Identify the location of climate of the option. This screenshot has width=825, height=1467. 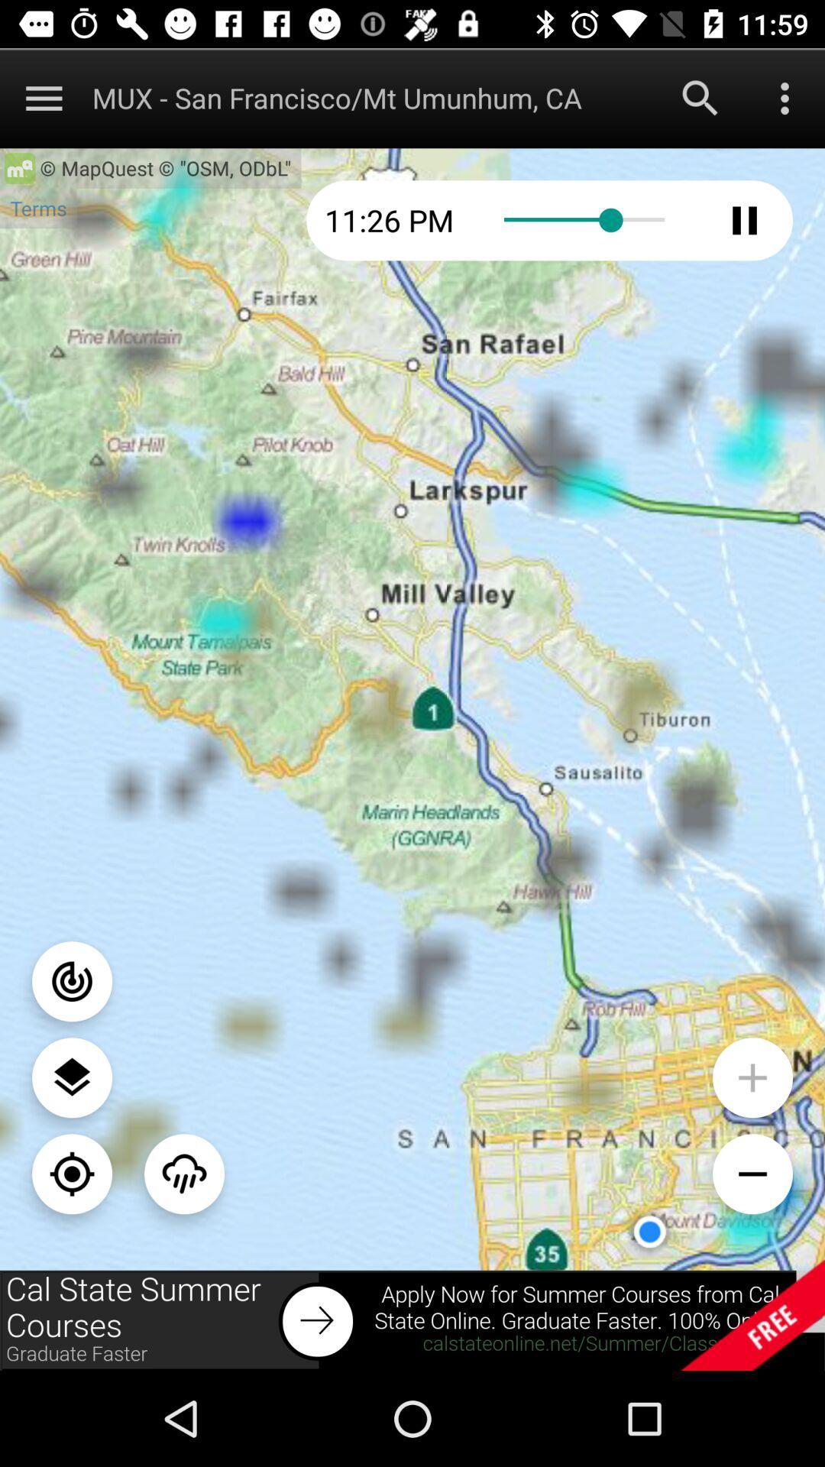
(183, 1173).